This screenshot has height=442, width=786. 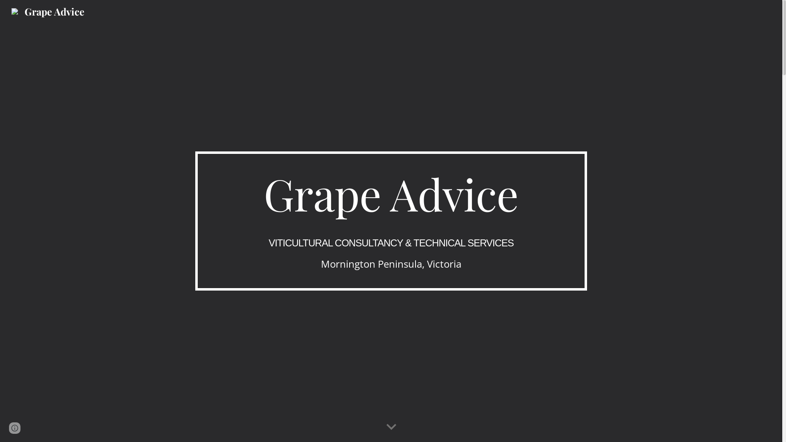 What do you see at coordinates (47, 9) in the screenshot?
I see `'Grape Advice'` at bounding box center [47, 9].